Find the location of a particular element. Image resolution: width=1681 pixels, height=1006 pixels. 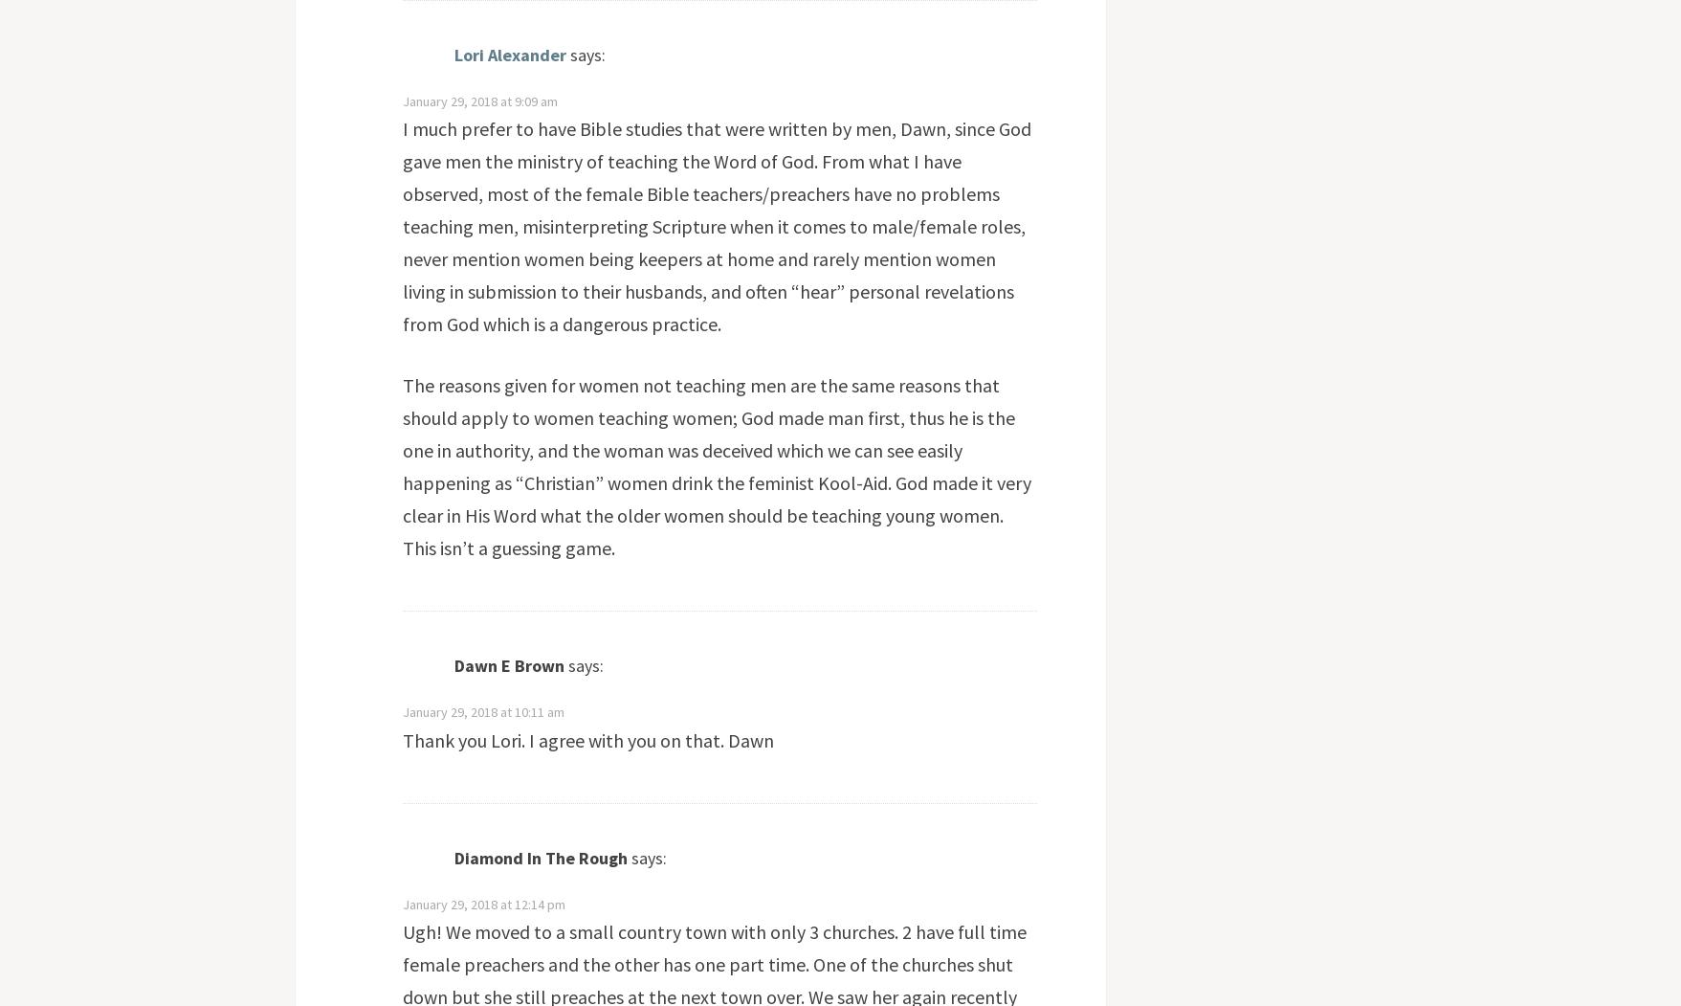

'Lori Alexander' is located at coordinates (509, 54).